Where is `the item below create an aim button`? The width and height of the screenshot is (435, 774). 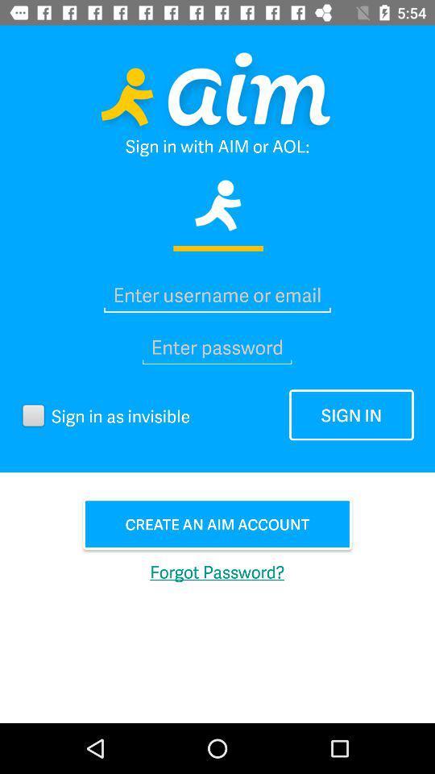 the item below create an aim button is located at coordinates (217, 572).